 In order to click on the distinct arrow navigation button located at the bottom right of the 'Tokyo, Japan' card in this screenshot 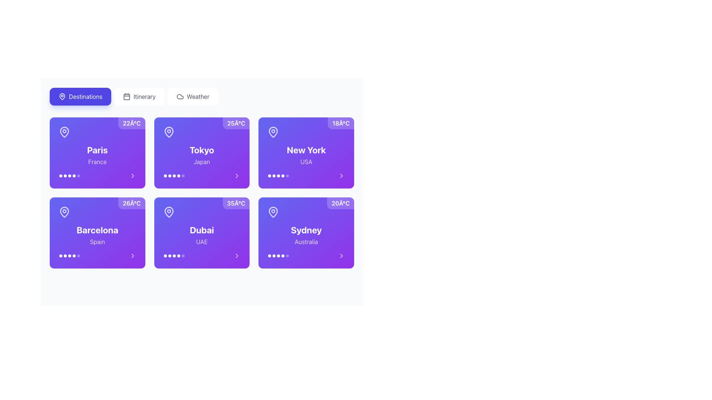, I will do `click(237, 176)`.